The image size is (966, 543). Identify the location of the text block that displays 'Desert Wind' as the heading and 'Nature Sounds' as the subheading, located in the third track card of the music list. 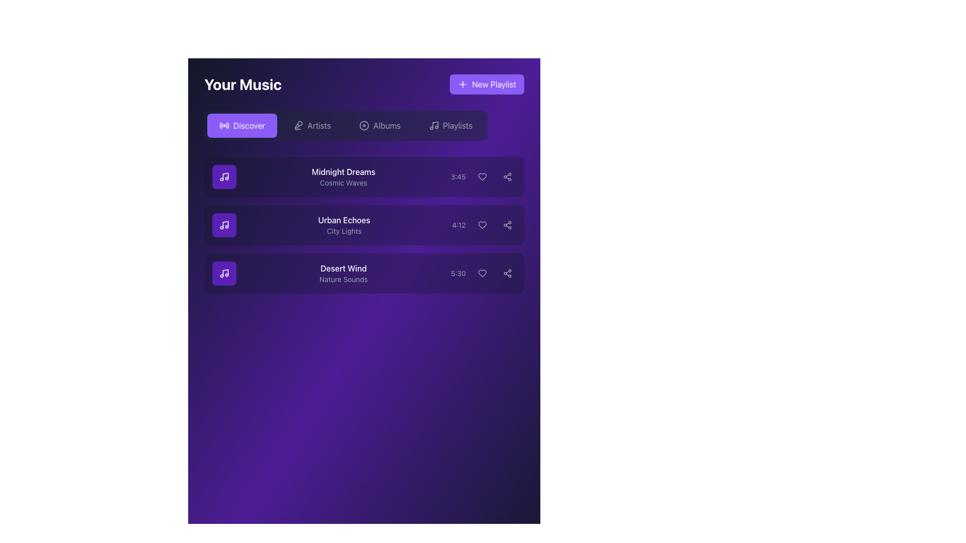
(364, 273).